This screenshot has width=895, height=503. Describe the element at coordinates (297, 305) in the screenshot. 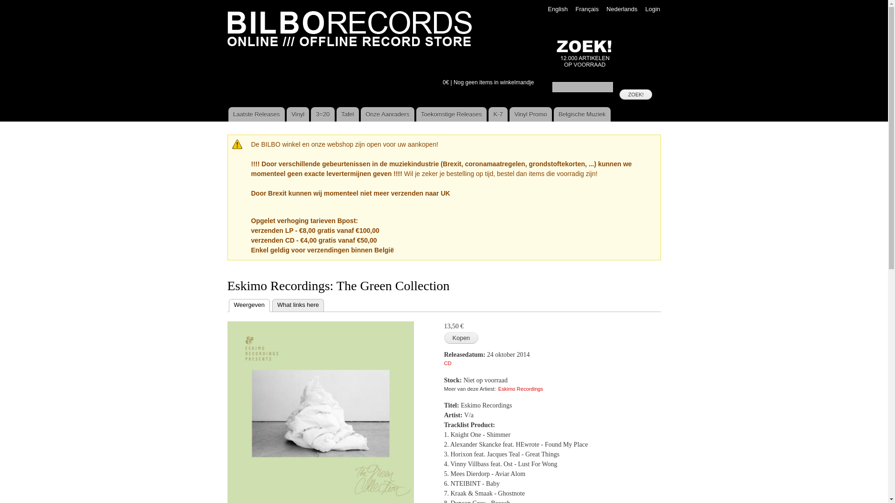

I see `'What links here'` at that location.